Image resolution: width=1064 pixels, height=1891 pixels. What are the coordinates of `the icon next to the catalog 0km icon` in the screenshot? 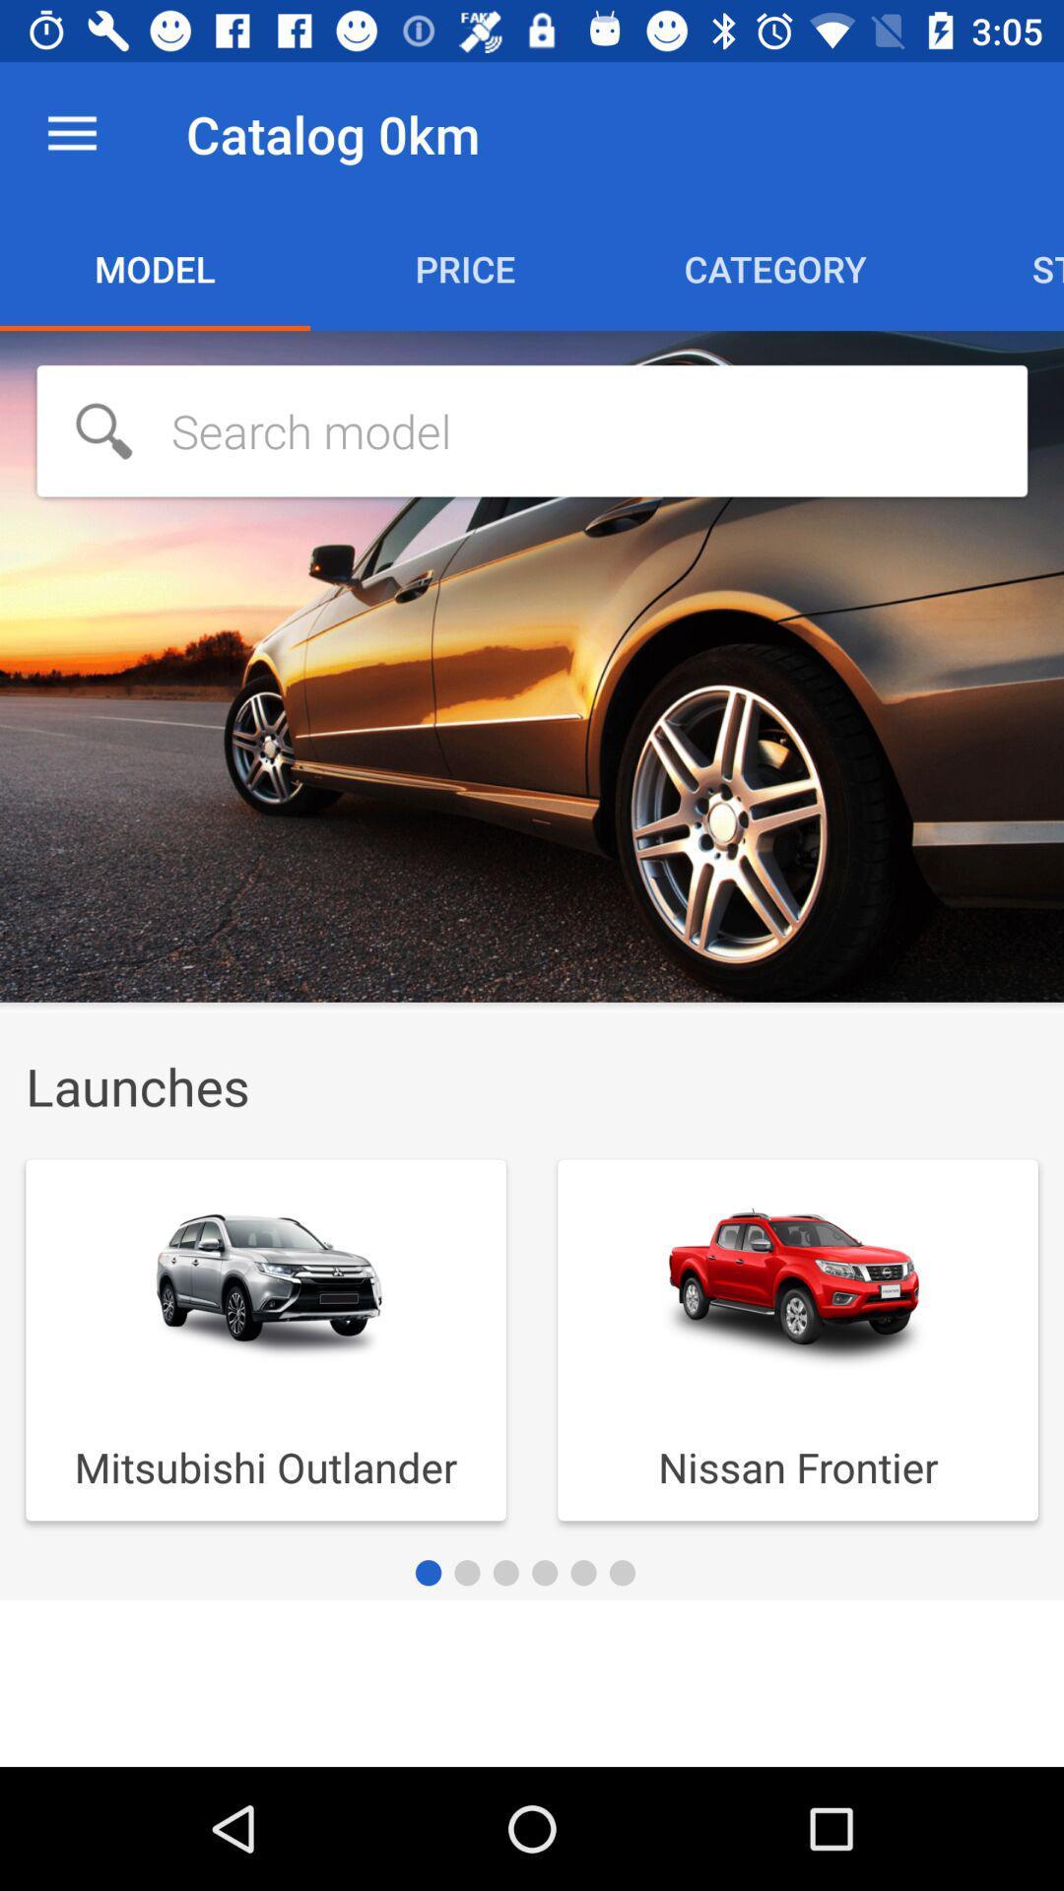 It's located at (71, 133).